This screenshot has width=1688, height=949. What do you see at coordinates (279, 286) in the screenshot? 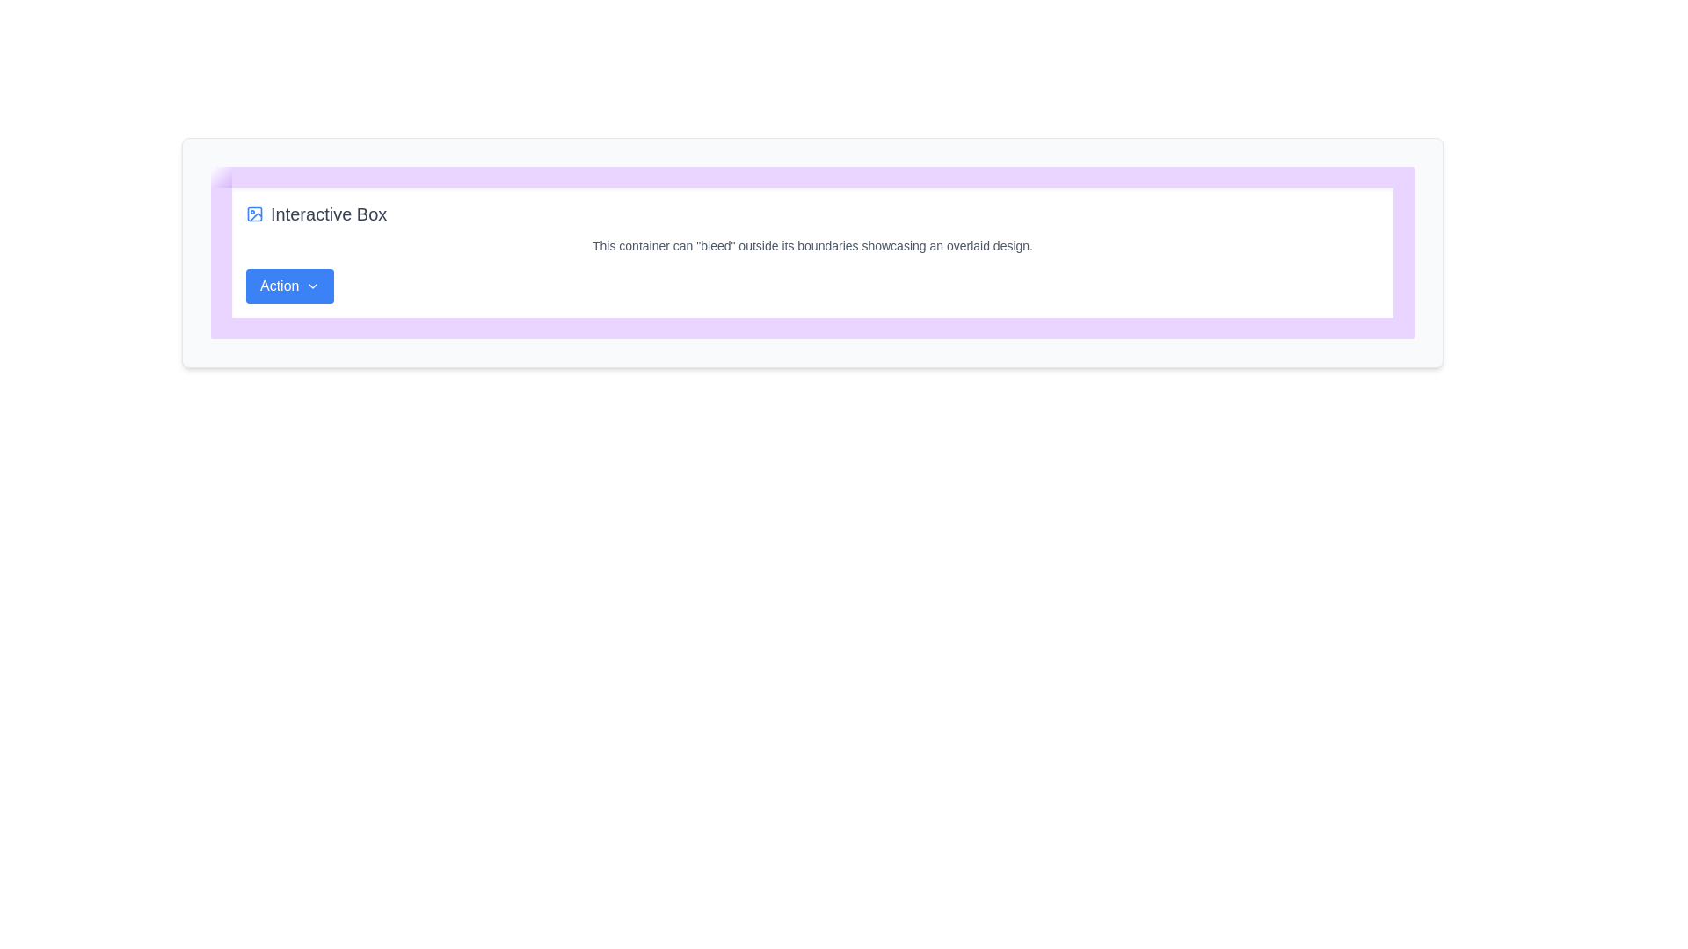
I see `the text label 'Action' within the interactive button that has a blue background and white text, positioned in the 'Interactive Box'` at bounding box center [279, 286].